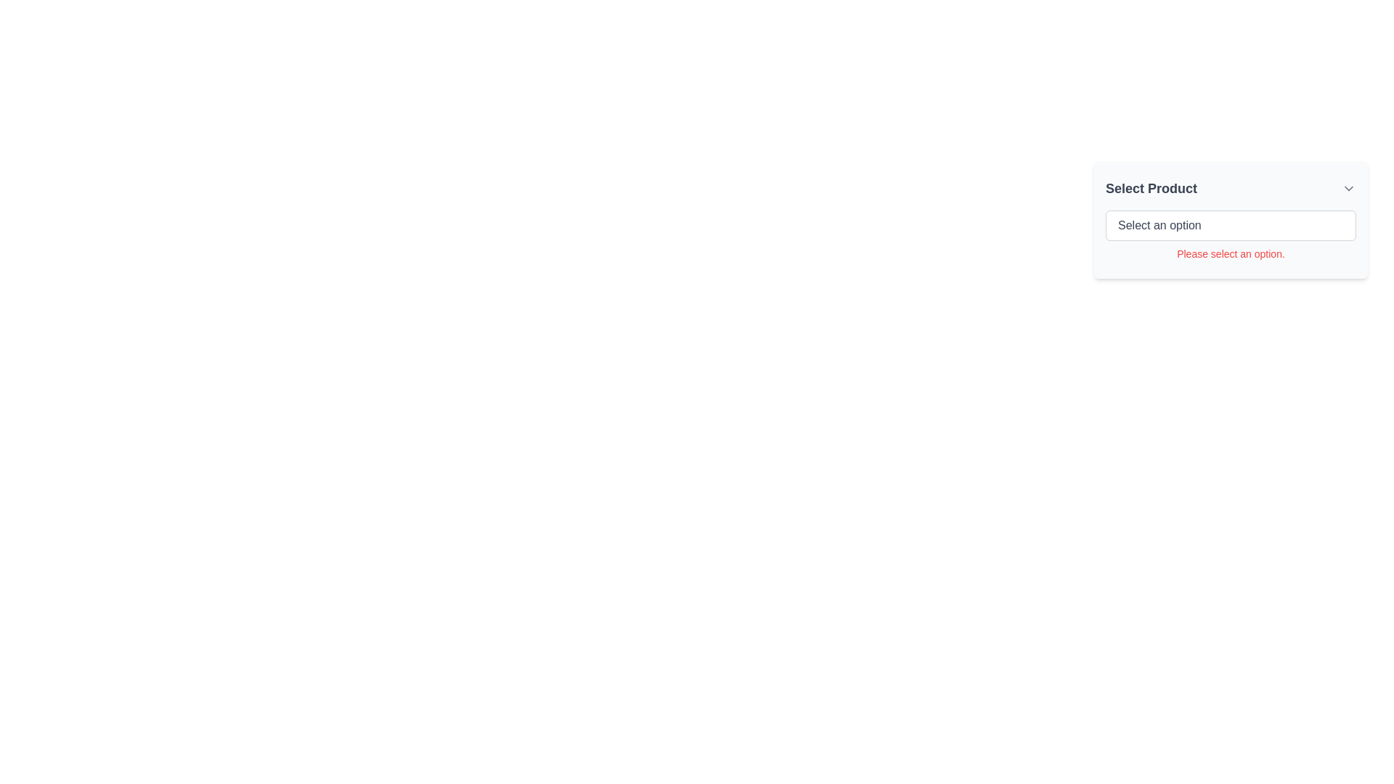 This screenshot has width=1394, height=784. I want to click on the interactive icon located to the far right of the 'Select Product' label, so click(1348, 187).